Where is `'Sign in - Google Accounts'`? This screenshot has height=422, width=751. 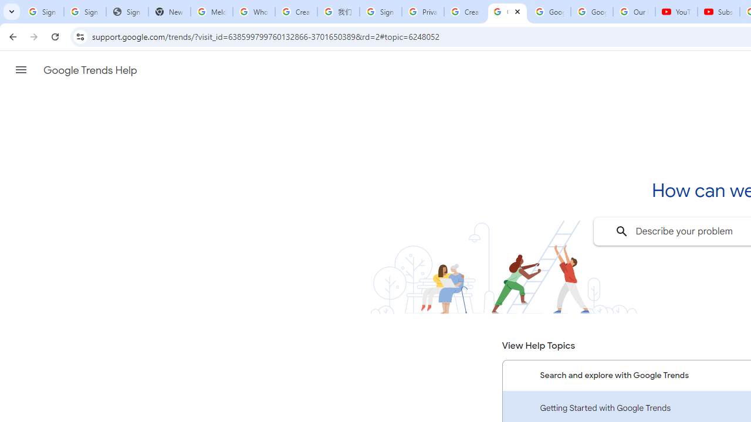
'Sign in - Google Accounts' is located at coordinates (380, 12).